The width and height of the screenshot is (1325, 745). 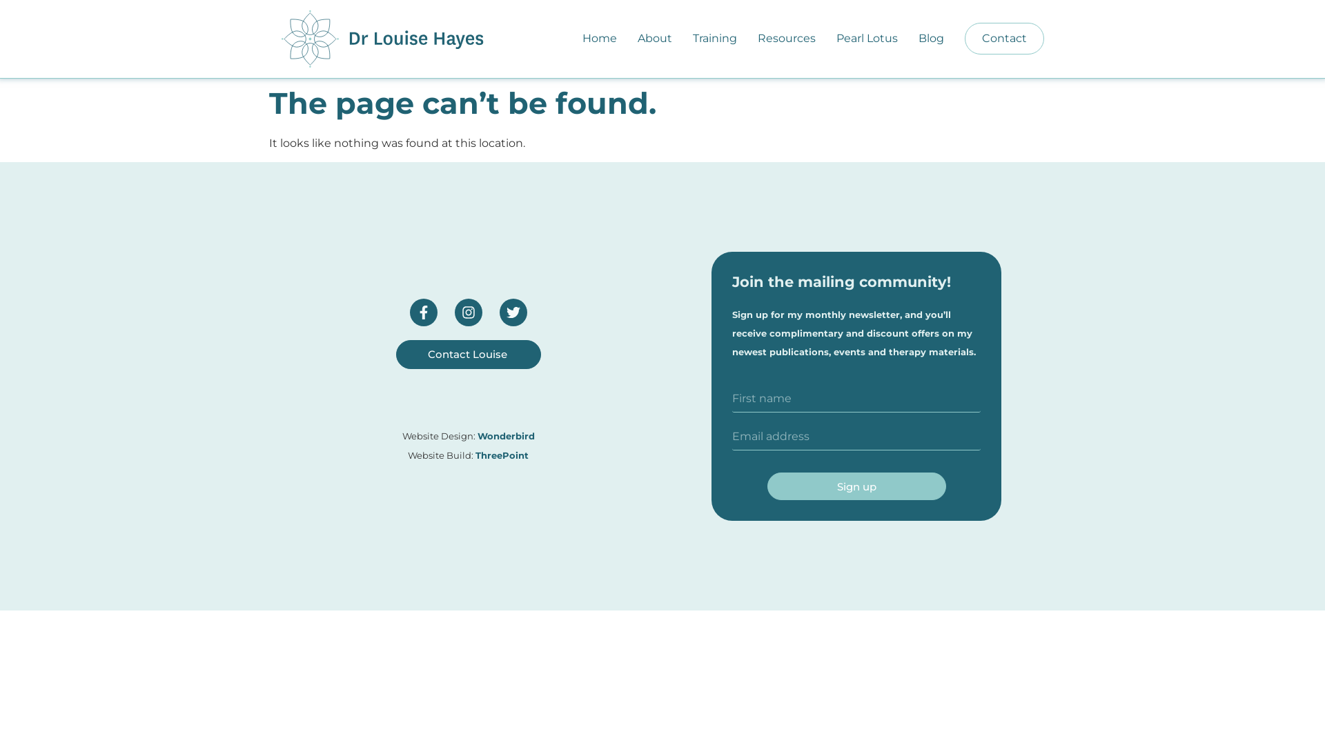 I want to click on 'Wonderbird', so click(x=505, y=436).